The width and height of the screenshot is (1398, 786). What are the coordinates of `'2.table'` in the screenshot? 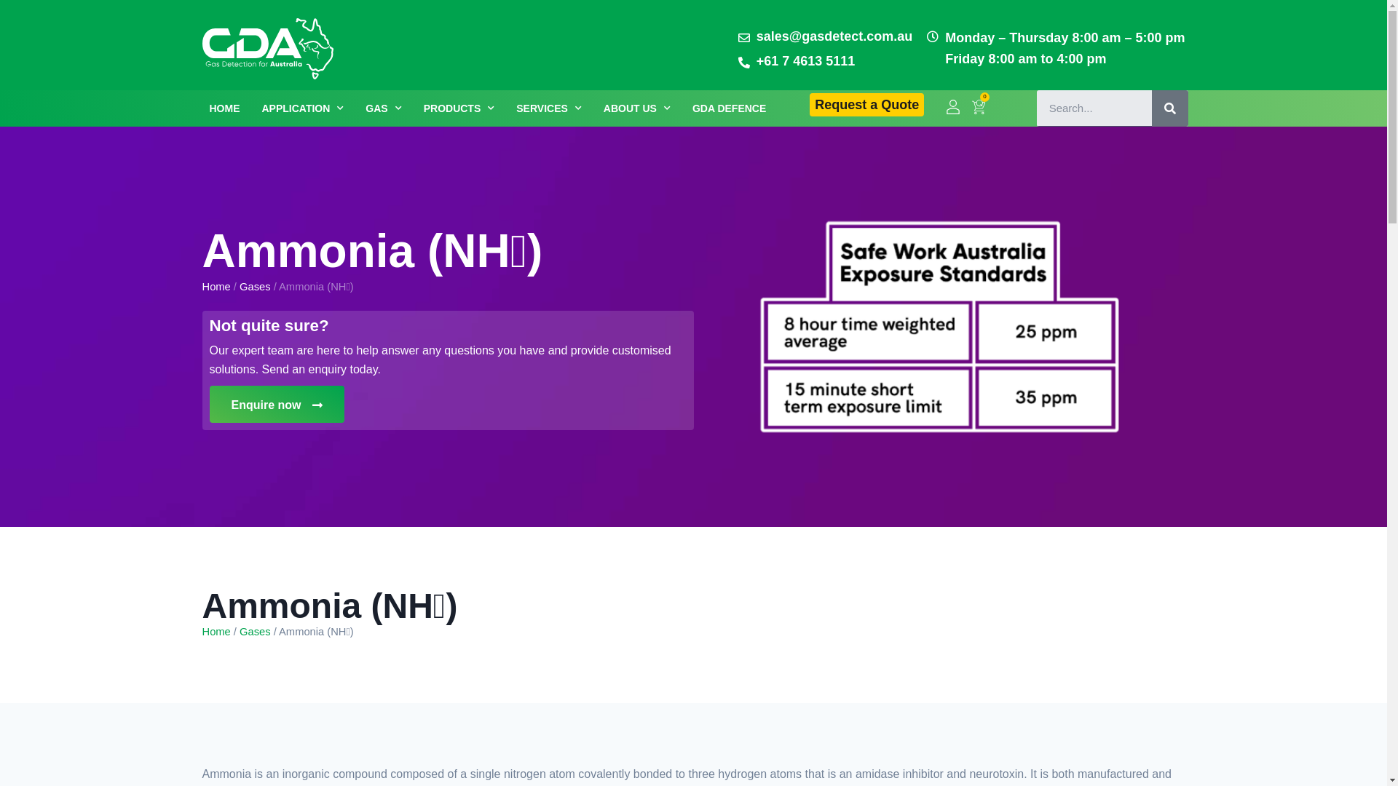 It's located at (939, 325).